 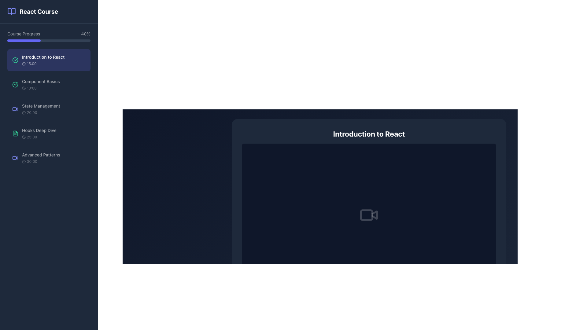 What do you see at coordinates (15, 60) in the screenshot?
I see `circular green icon with a check mark, located beside the text 'Introduction to React' in the left navigation panel for additional details` at bounding box center [15, 60].